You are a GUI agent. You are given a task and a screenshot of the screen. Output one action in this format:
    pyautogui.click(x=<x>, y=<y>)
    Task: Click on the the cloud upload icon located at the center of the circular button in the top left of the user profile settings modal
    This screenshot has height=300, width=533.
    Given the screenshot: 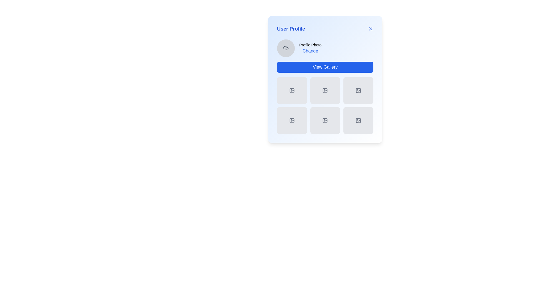 What is the action you would take?
    pyautogui.click(x=286, y=48)
    